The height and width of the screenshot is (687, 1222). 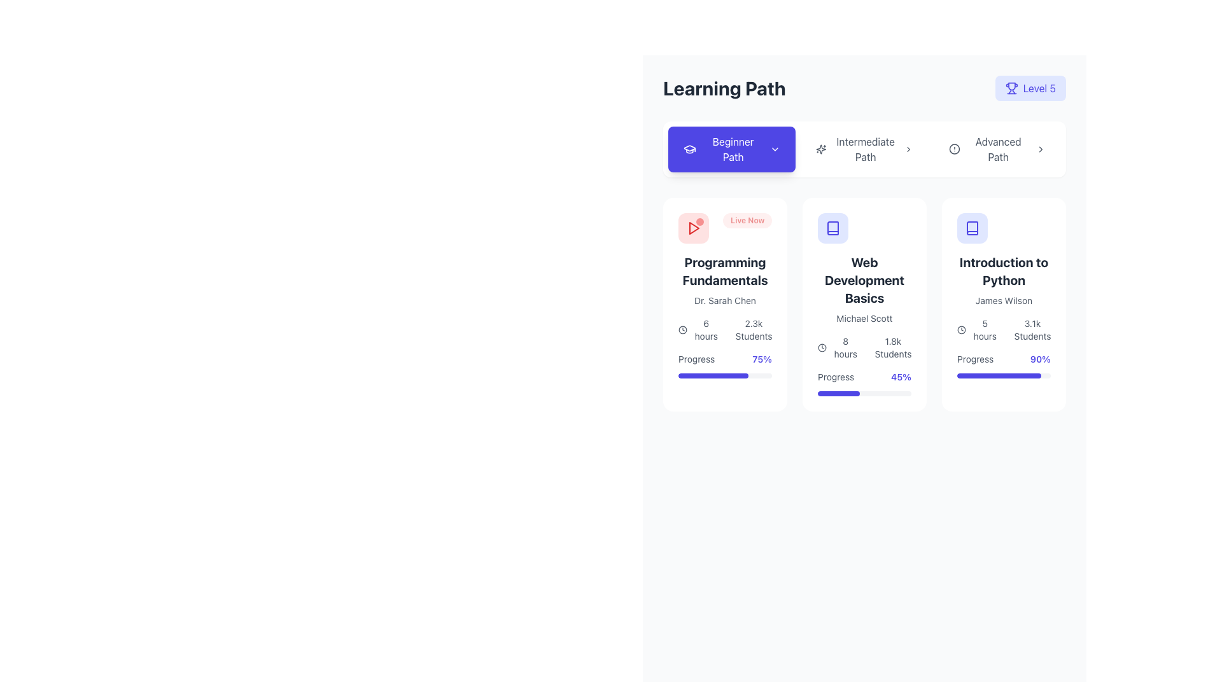 What do you see at coordinates (1030, 330) in the screenshot?
I see `the text label displaying '3.1k Students' located in the bottom-right corner of the 'Introduction to Python' card` at bounding box center [1030, 330].